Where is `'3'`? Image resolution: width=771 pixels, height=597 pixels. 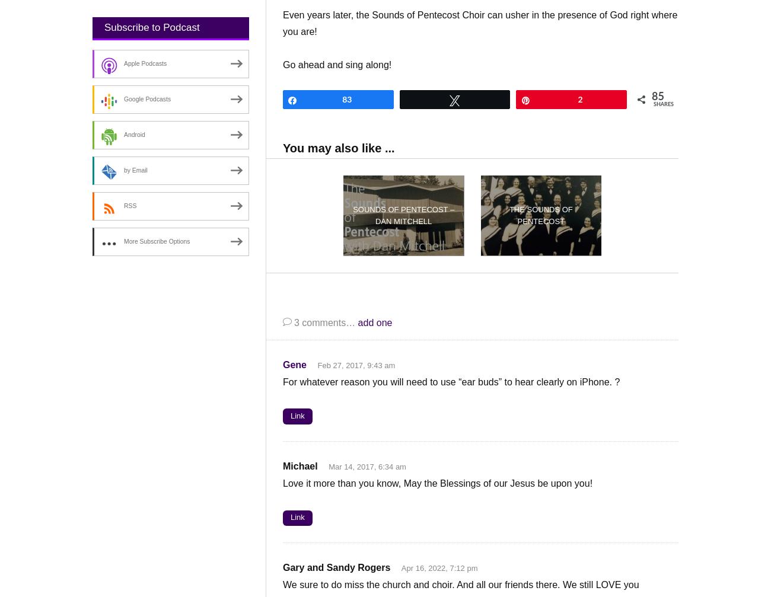
'3' is located at coordinates (294, 321).